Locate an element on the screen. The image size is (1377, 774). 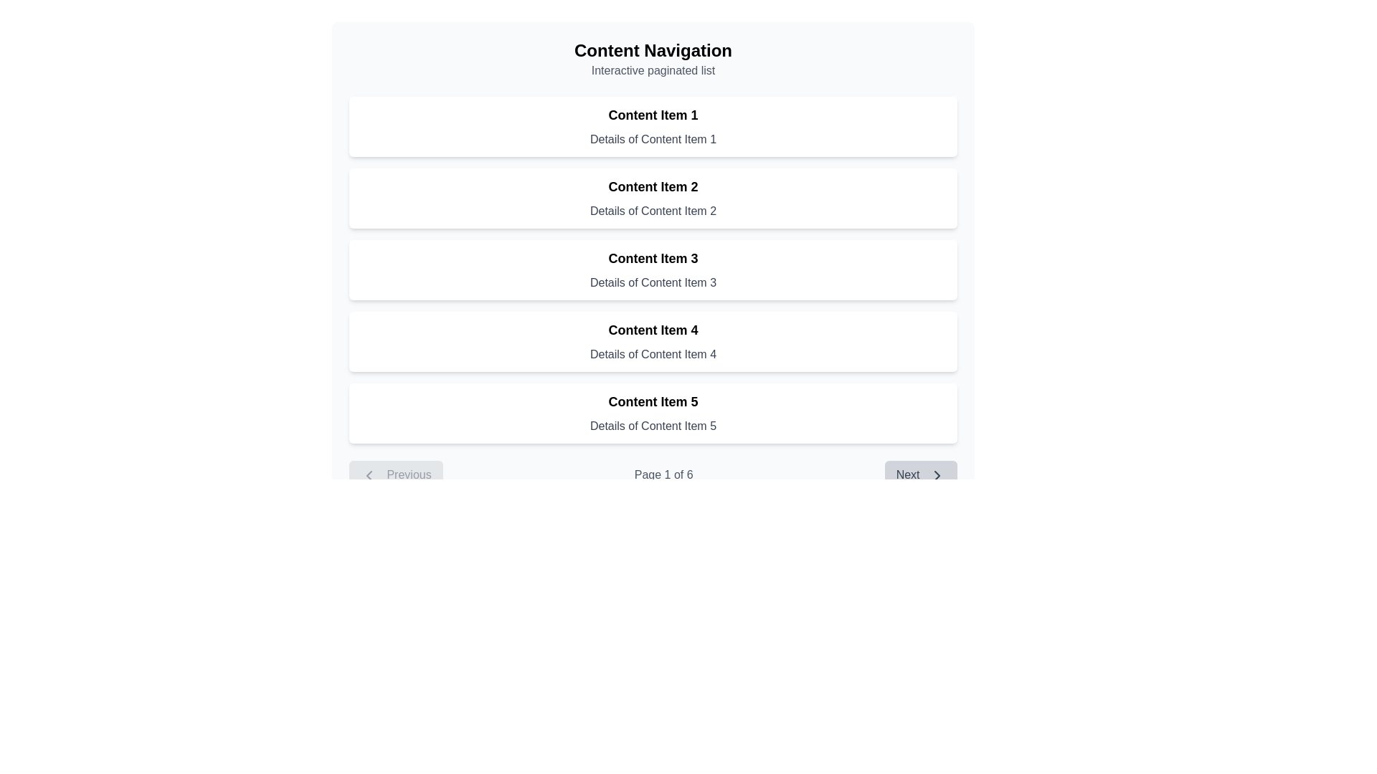
the text label displaying 'Details of Content Item 3' located directly under the bold title 'Content Item 3' within the third content card is located at coordinates (653, 282).